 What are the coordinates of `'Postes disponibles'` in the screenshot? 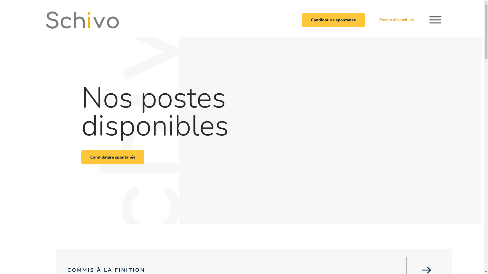 It's located at (396, 20).